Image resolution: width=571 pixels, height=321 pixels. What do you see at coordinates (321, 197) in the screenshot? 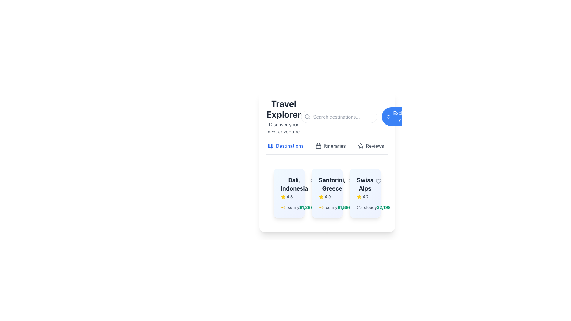
I see `the yellow star-shaped icon located in the 'Santorini, Greece' section of the card interface to interact with the rating` at bounding box center [321, 197].